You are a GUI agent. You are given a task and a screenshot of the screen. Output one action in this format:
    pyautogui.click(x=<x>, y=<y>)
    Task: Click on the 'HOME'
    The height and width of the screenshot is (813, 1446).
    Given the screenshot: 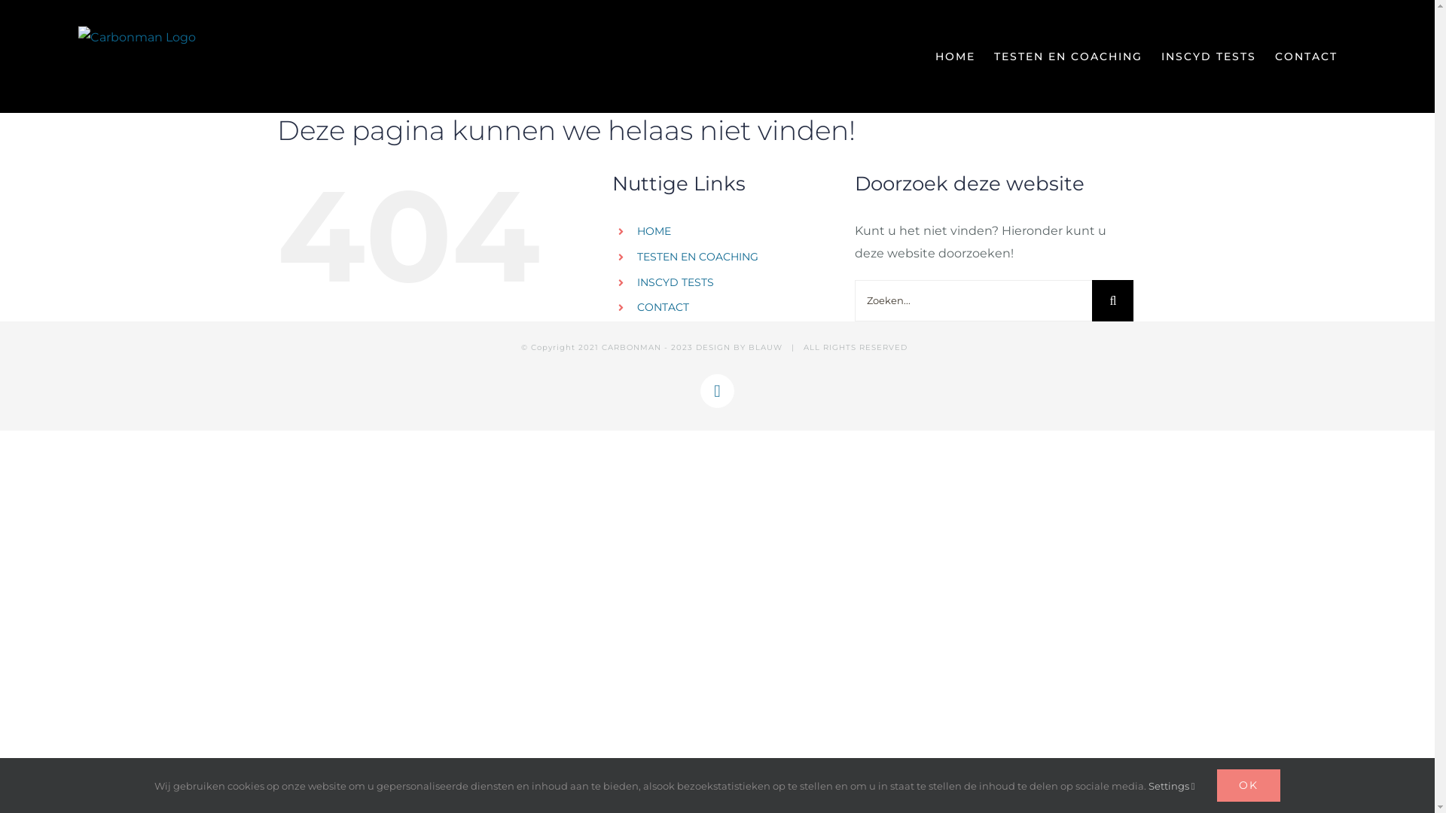 What is the action you would take?
    pyautogui.click(x=954, y=55)
    